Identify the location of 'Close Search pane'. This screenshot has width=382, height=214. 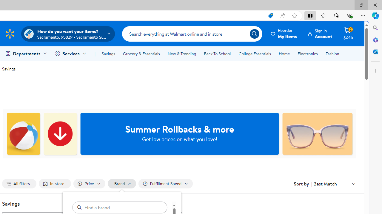
(375, 28).